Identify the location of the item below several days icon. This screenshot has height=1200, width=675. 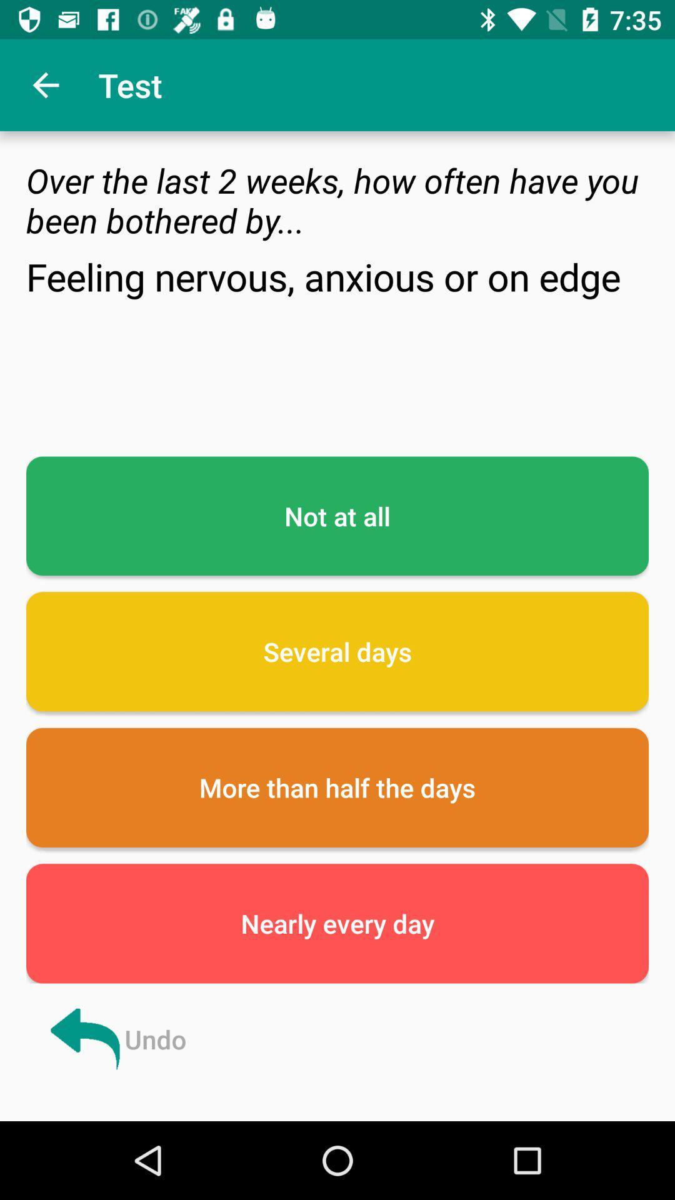
(337, 787).